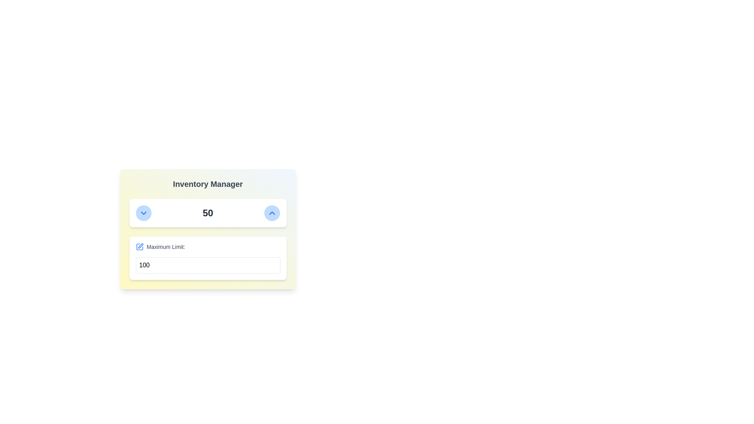 This screenshot has height=424, width=754. What do you see at coordinates (165, 246) in the screenshot?
I see `the static informational Text label that describes the adjacent input field for the maximum value setting, located beneath the 'Inventory Manager' numeric input field` at bounding box center [165, 246].